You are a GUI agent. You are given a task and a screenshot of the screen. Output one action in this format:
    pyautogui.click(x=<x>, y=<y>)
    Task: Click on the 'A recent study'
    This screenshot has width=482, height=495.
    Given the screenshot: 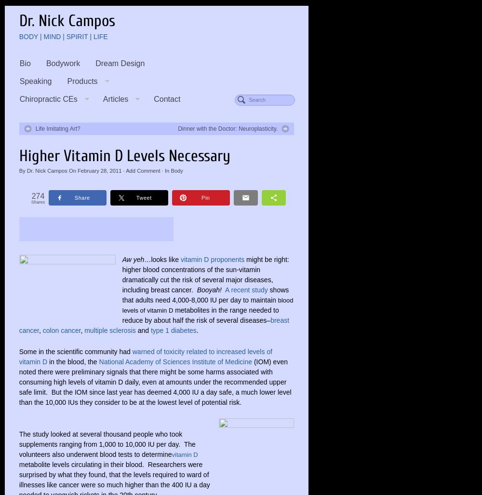 What is the action you would take?
    pyautogui.click(x=246, y=289)
    